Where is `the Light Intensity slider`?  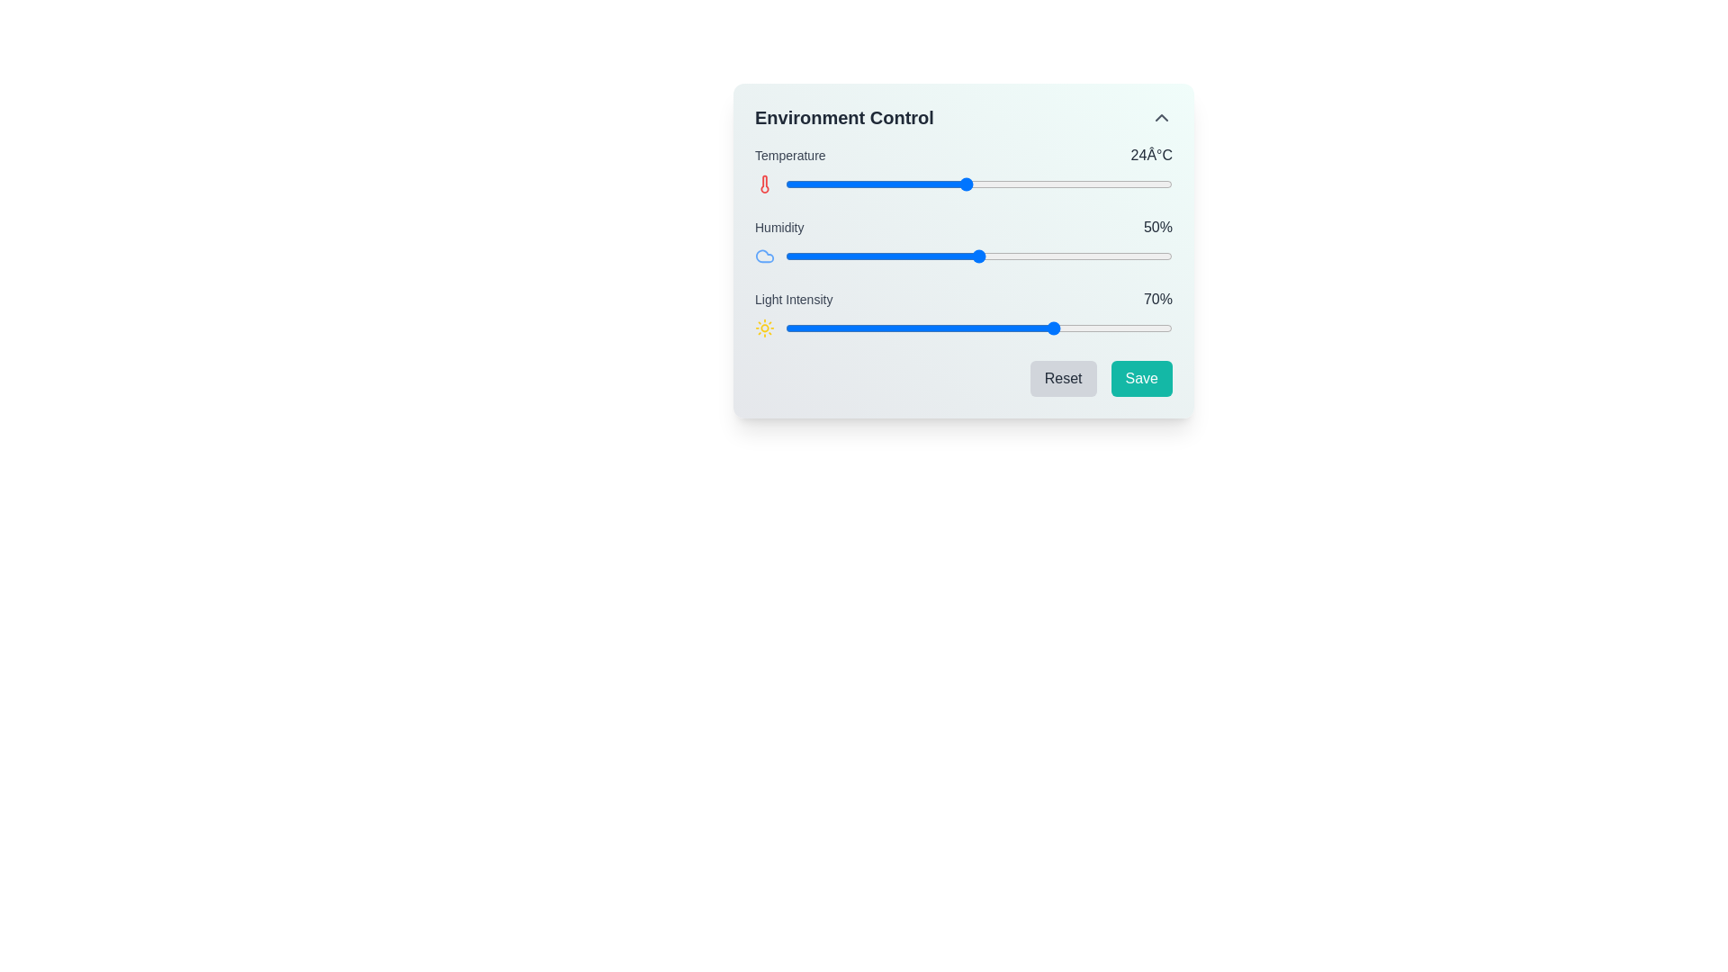 the Light Intensity slider is located at coordinates (1064, 328).